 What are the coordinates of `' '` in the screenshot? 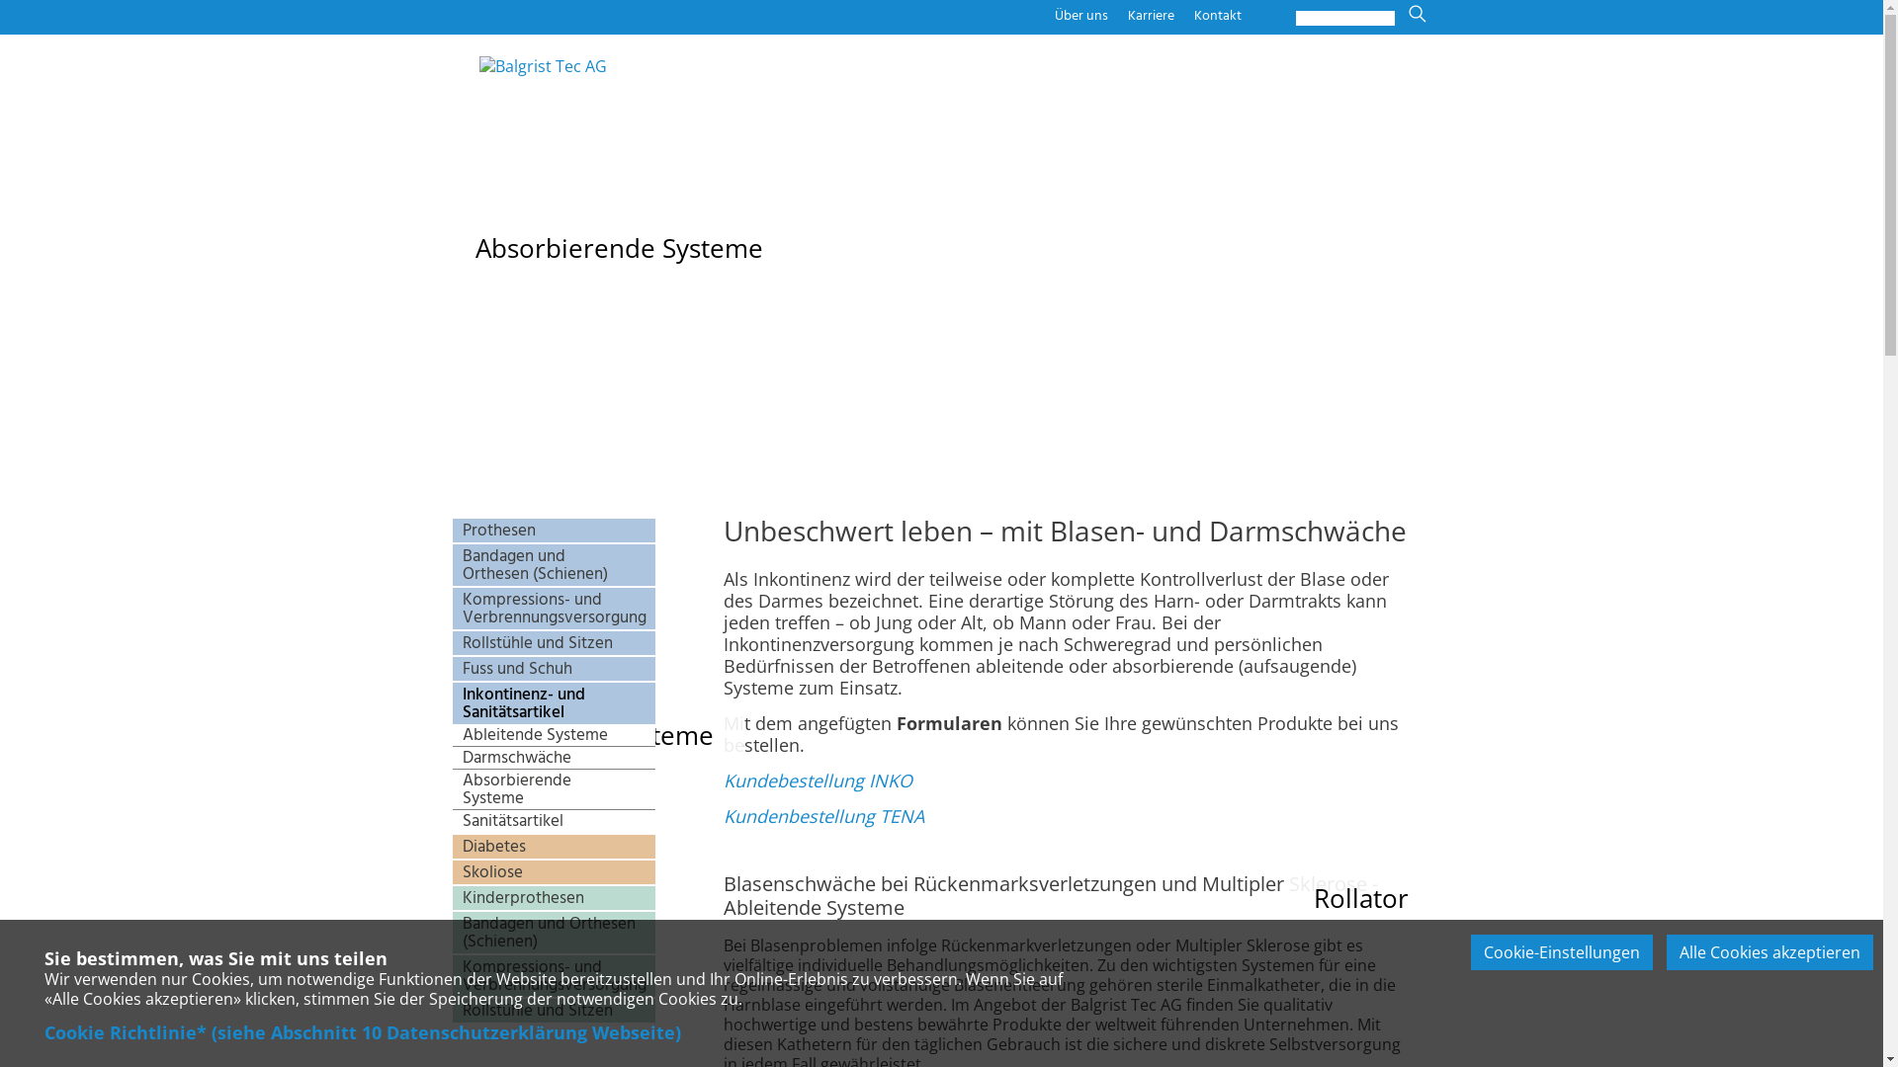 It's located at (1407, 99).